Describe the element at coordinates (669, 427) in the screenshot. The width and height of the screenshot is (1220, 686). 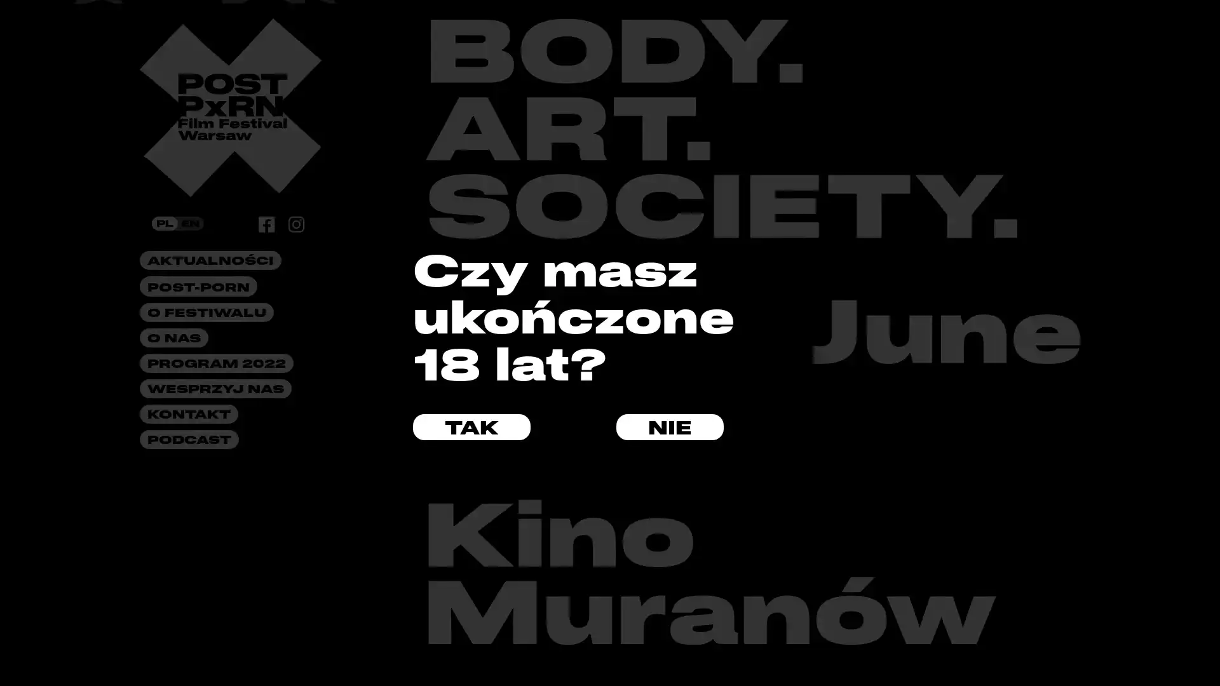
I see `NIE` at that location.